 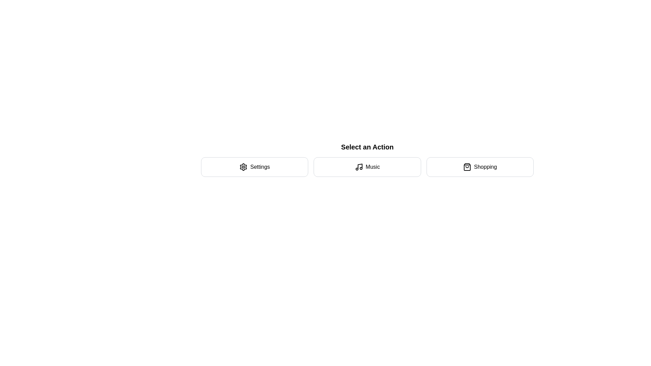 I want to click on the action Shopping by clicking on the corresponding button, so click(x=479, y=167).